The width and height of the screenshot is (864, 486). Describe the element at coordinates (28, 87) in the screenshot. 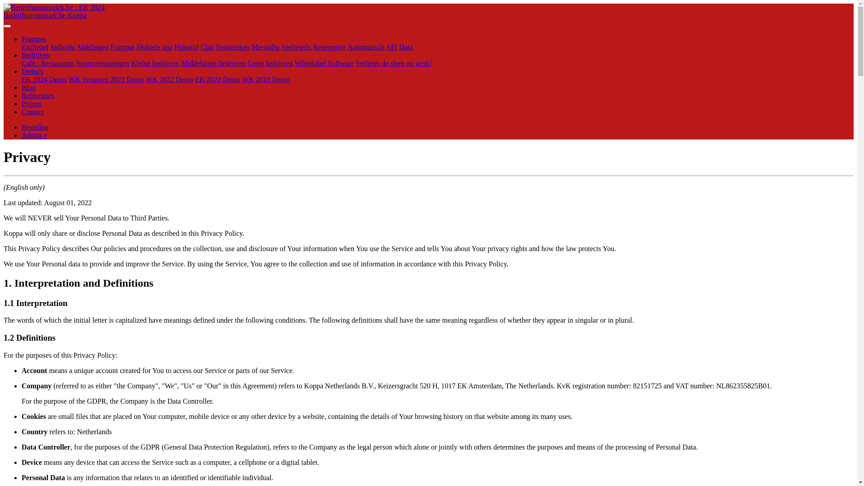

I see `'Blog'` at that location.